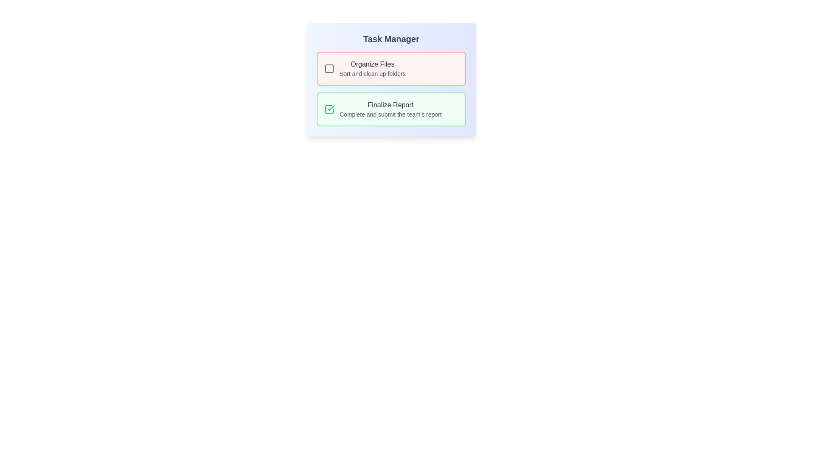 The image size is (814, 458). What do you see at coordinates (329, 68) in the screenshot?
I see `the icon representing the task of organizing files, located in the upper left portion of the red-bordered block with the text 'Organize Files' and 'Sort and clean up folders'` at bounding box center [329, 68].